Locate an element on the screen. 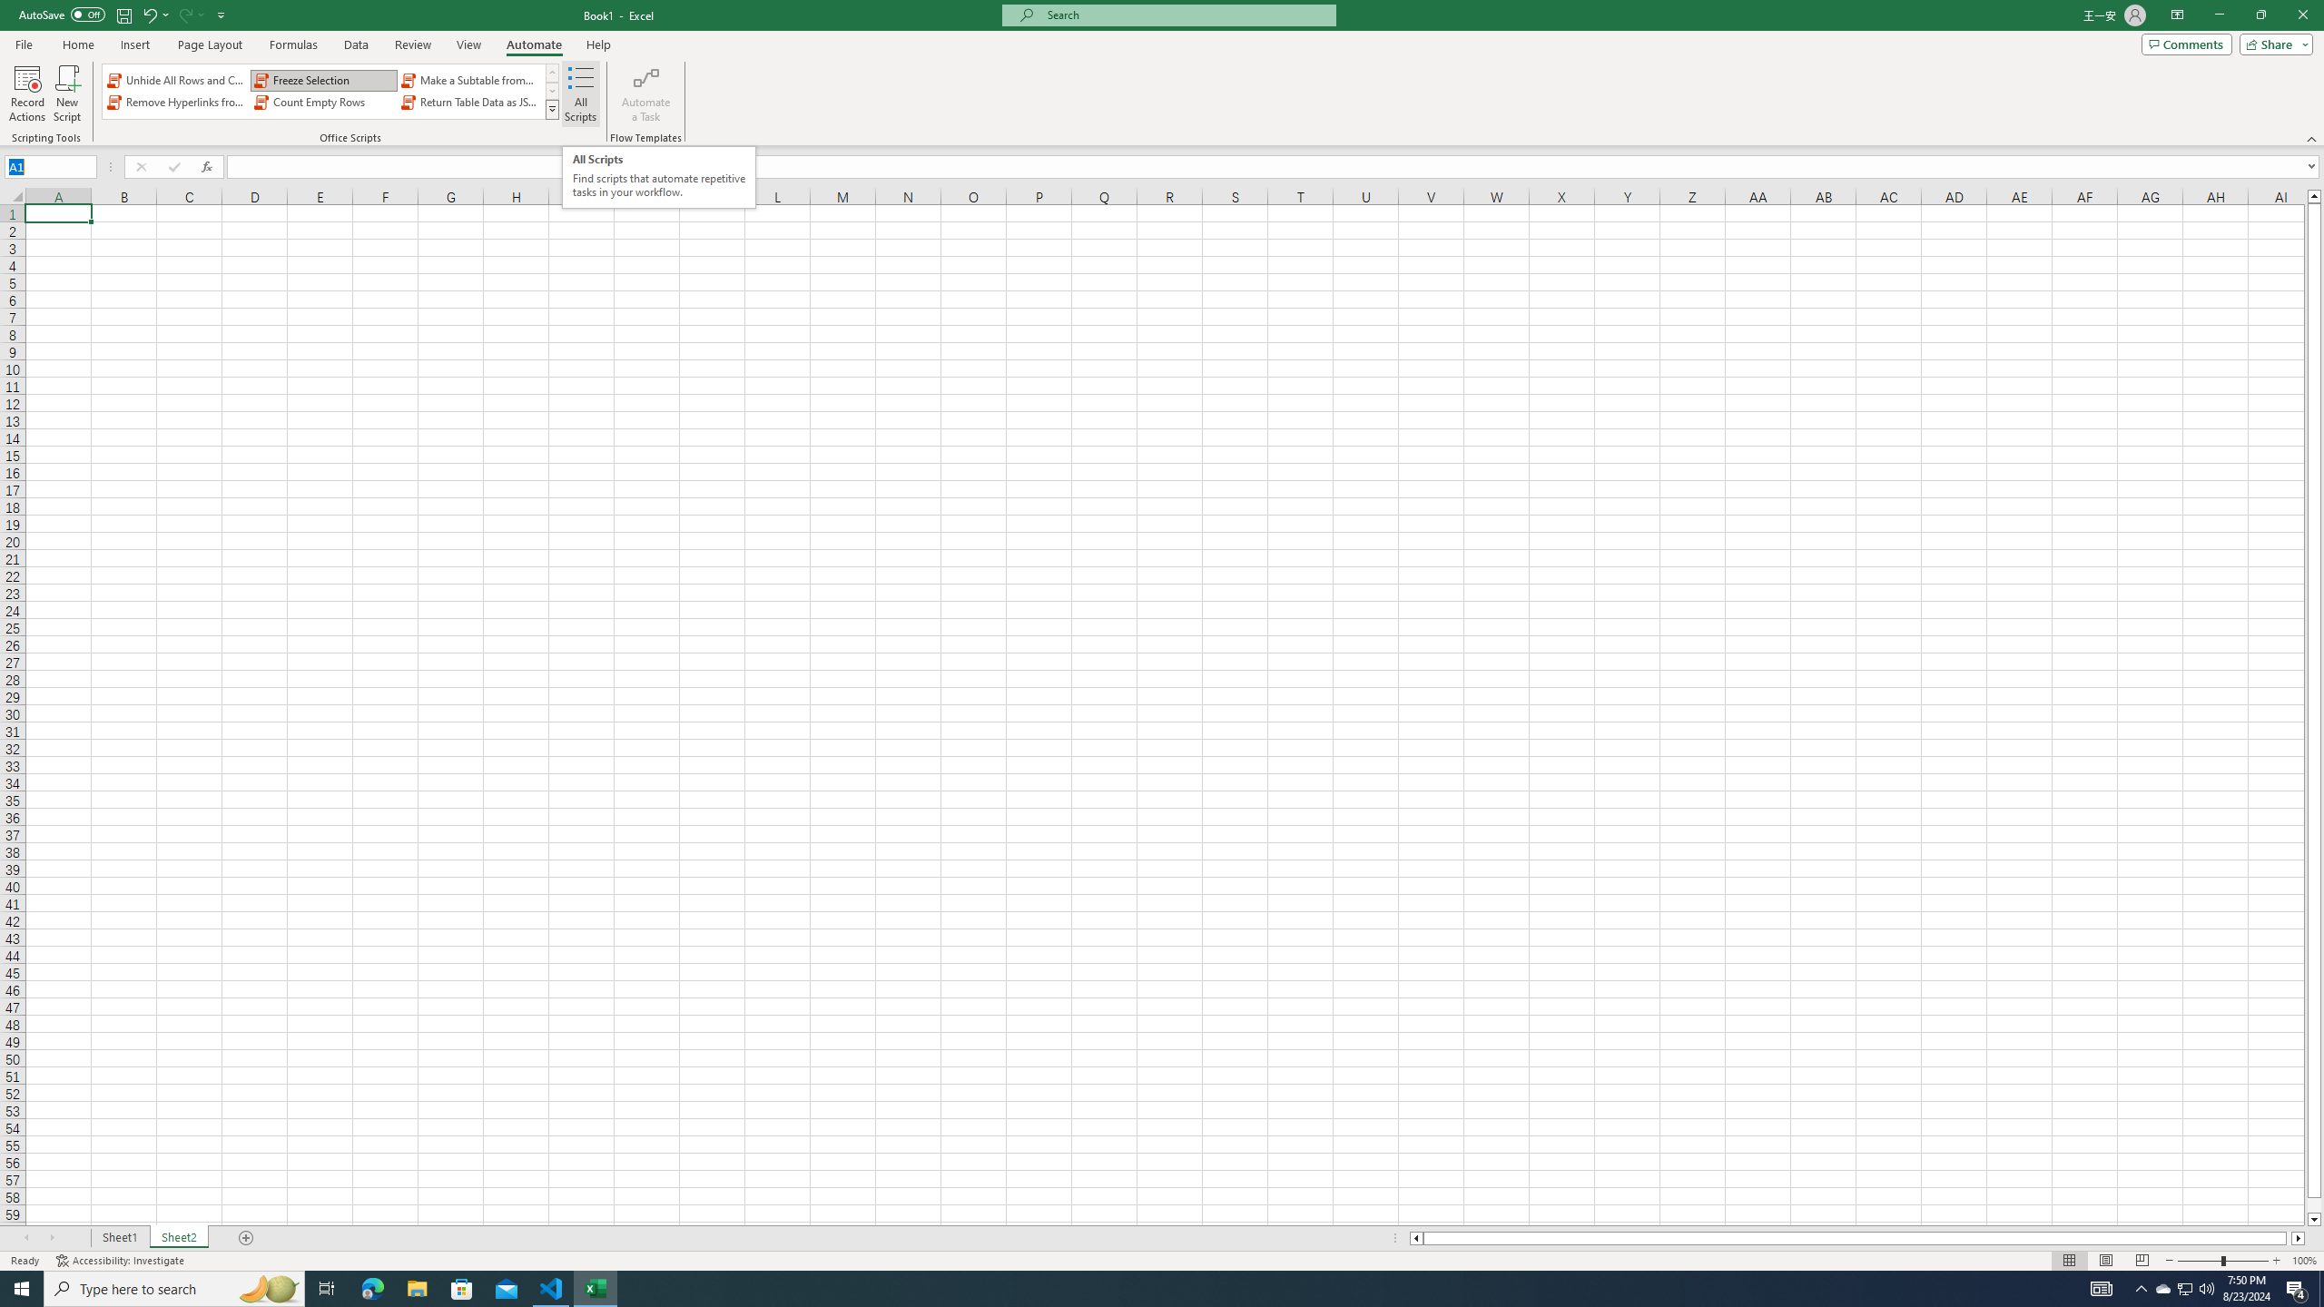 This screenshot has width=2324, height=1307. 'Data' is located at coordinates (355, 44).